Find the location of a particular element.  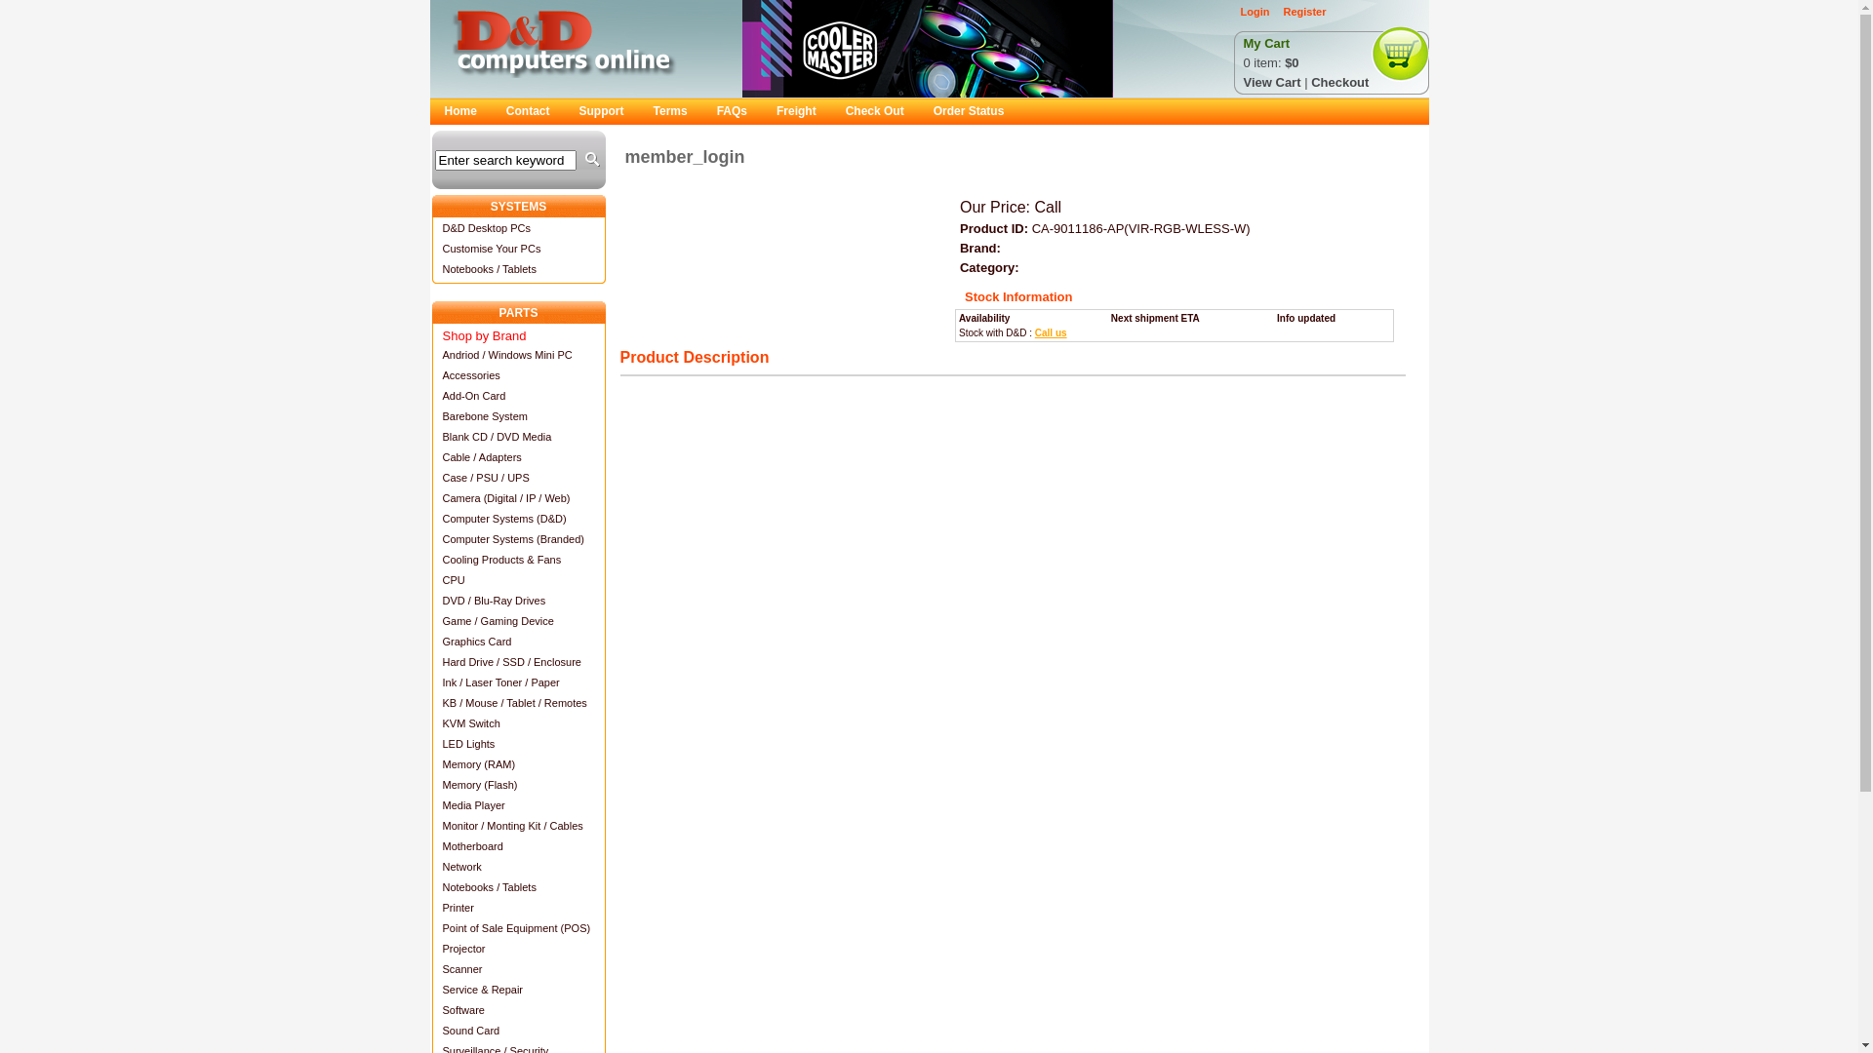

'KVM Switch' is located at coordinates (518, 722).